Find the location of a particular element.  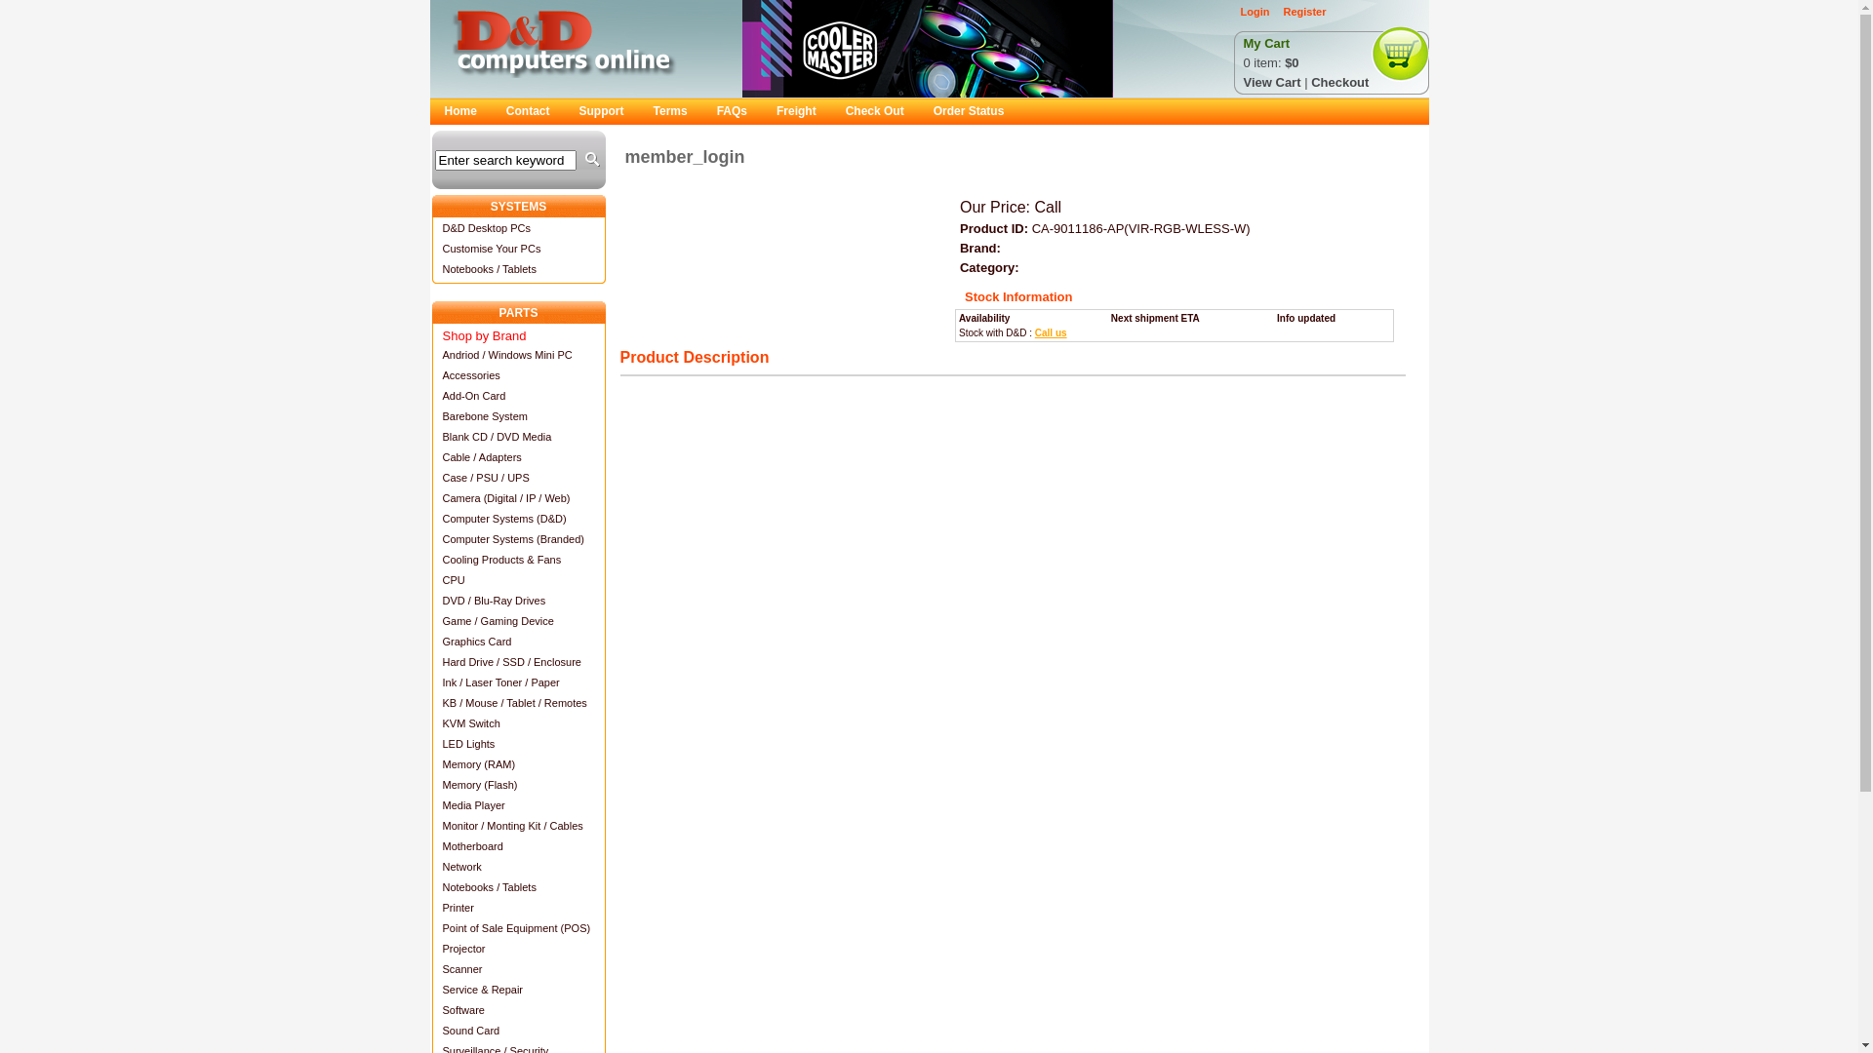

'KVM Switch' is located at coordinates (518, 722).